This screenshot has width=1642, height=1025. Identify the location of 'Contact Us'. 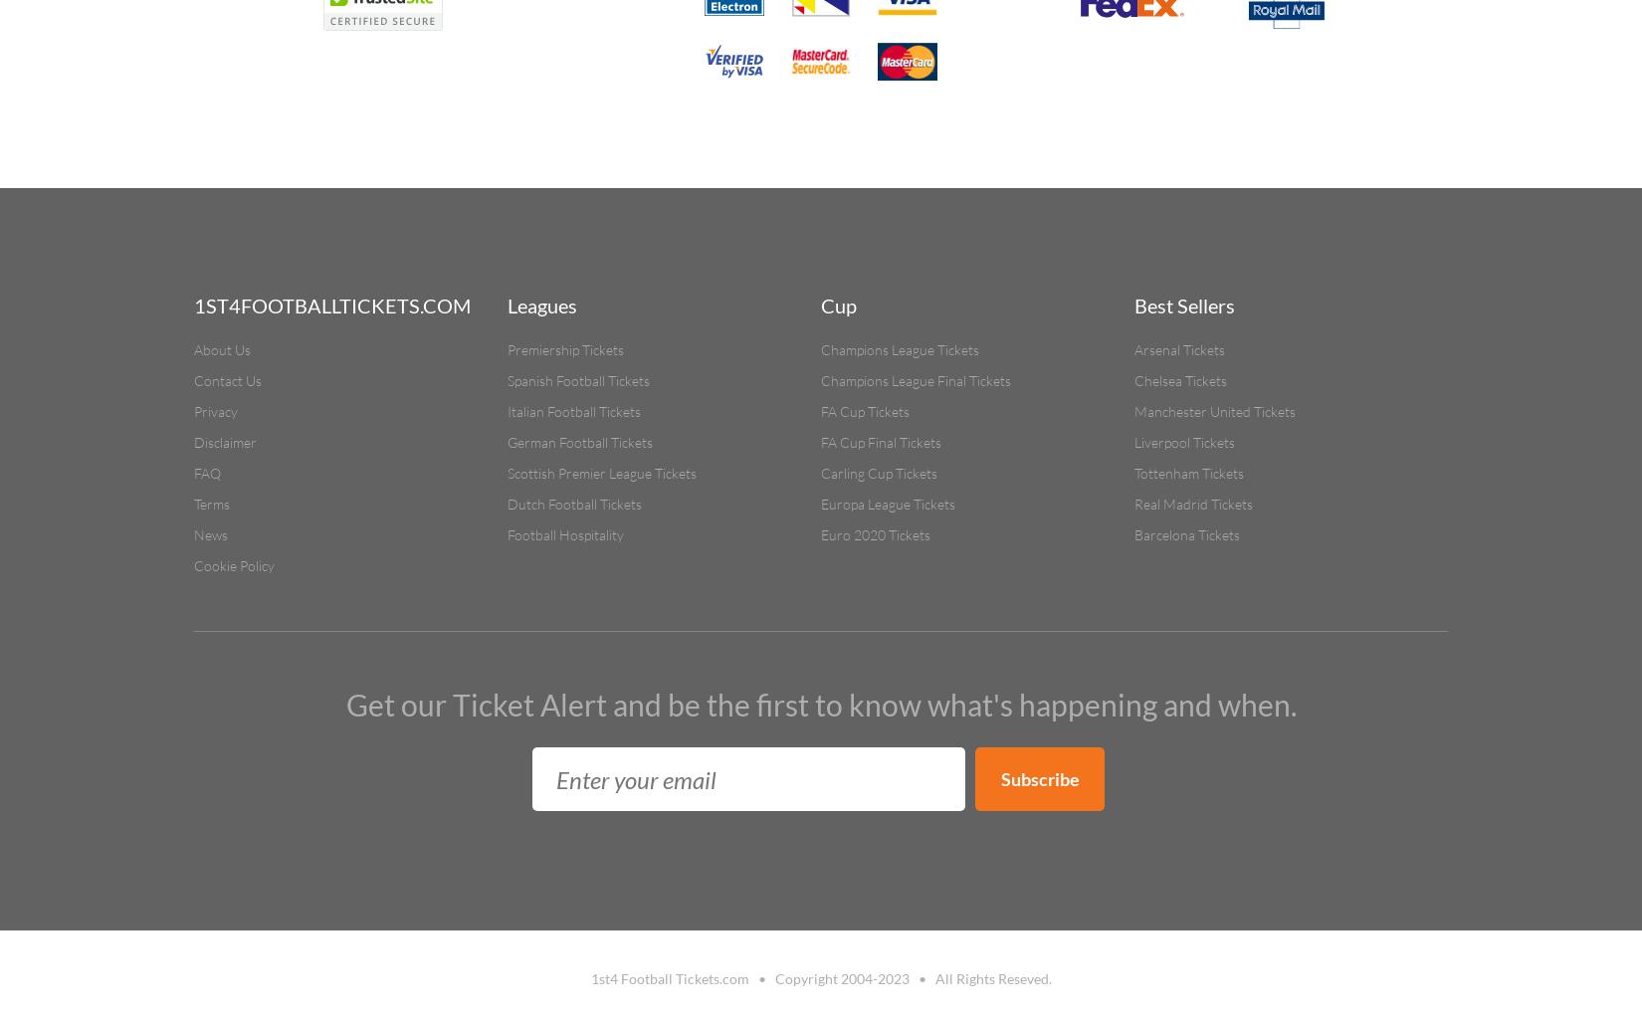
(228, 380).